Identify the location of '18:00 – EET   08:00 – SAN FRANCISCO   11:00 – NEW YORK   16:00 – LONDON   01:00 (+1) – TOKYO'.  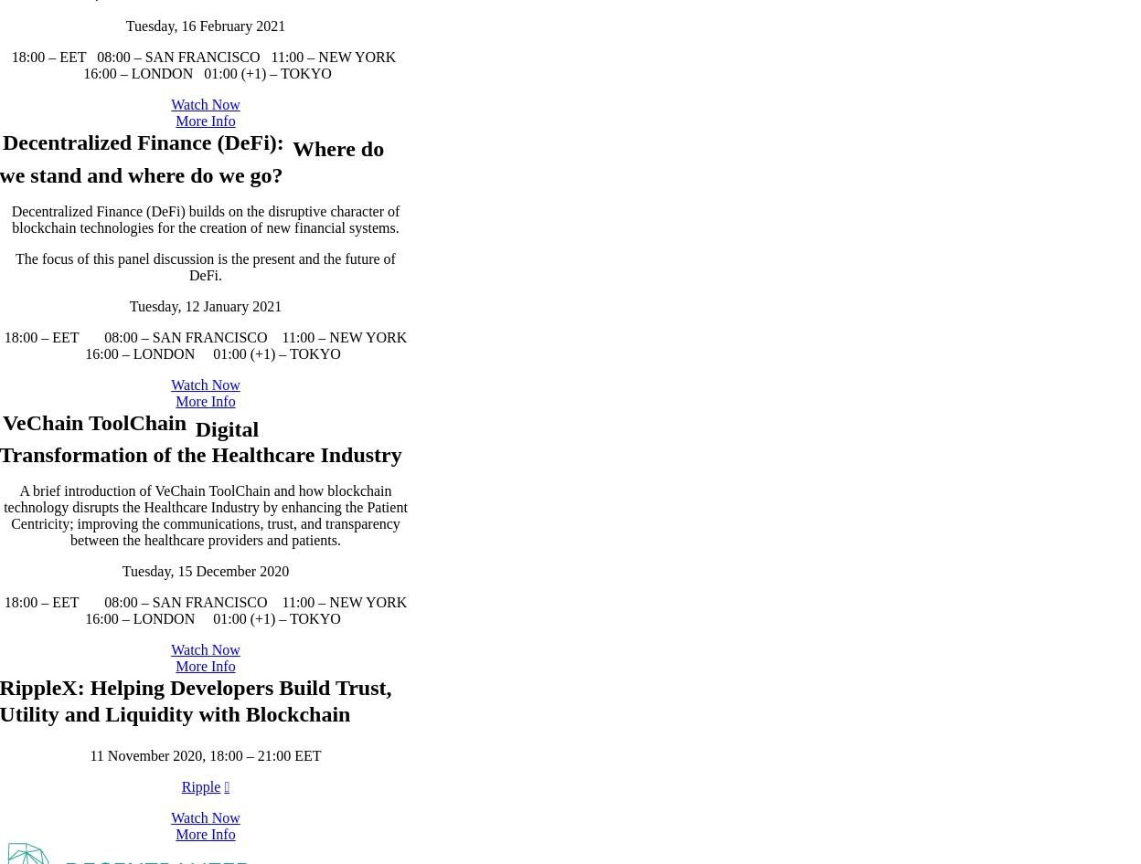
(205, 196).